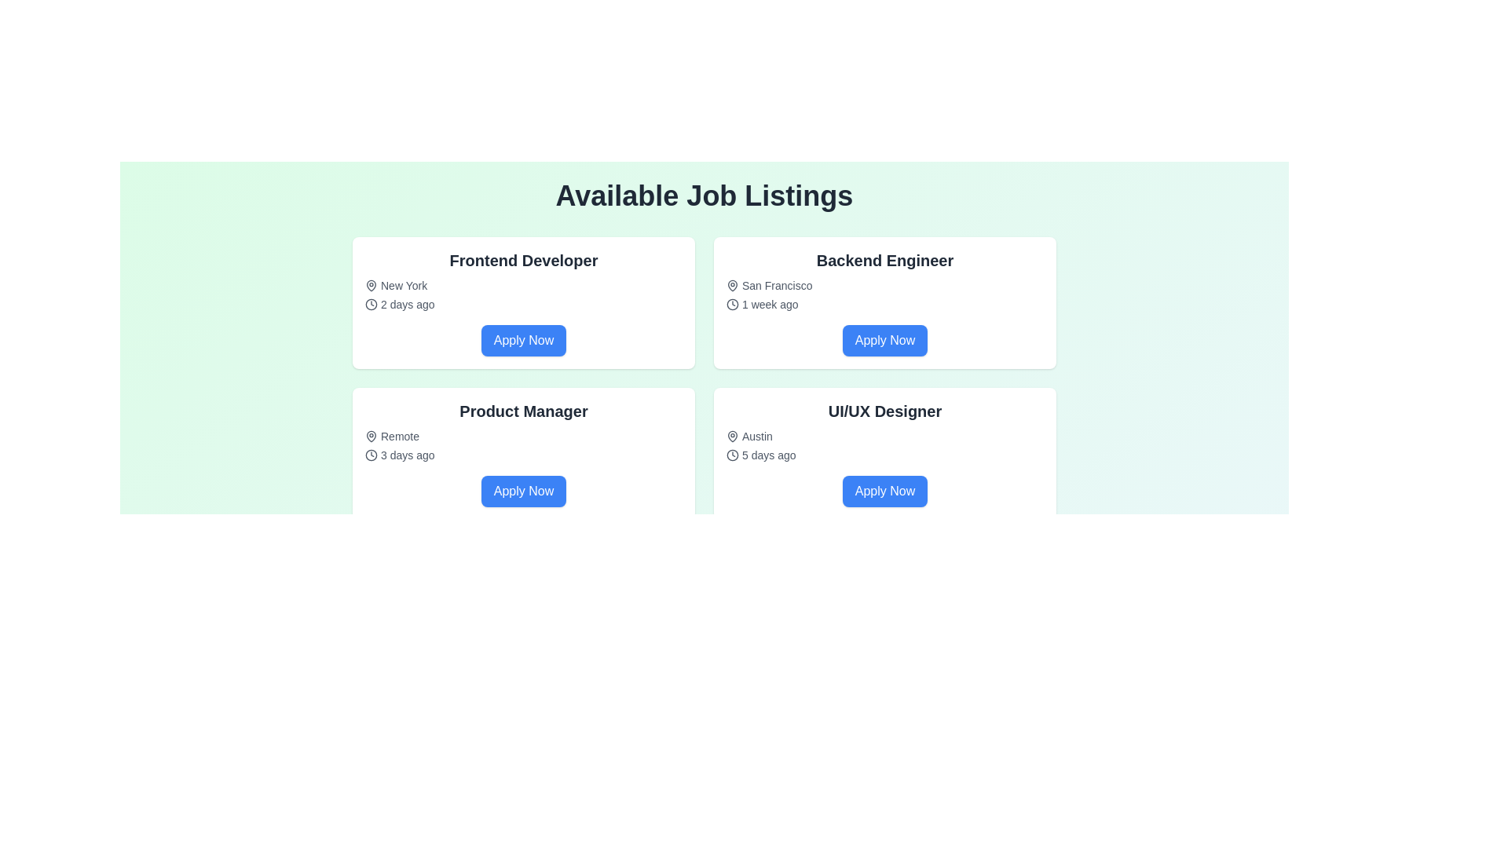 This screenshot has width=1508, height=848. Describe the element at coordinates (524, 340) in the screenshot. I see `the 'Apply Now' button within the 'Frontend Developer' job posting card to trigger the background color change` at that location.